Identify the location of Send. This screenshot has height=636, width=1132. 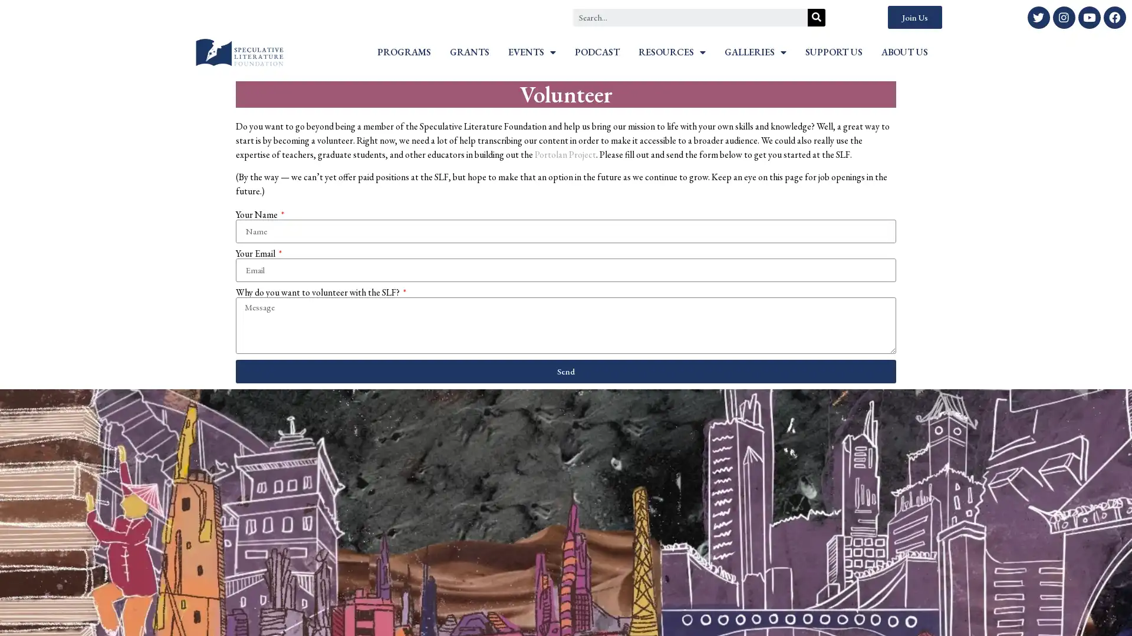
(566, 370).